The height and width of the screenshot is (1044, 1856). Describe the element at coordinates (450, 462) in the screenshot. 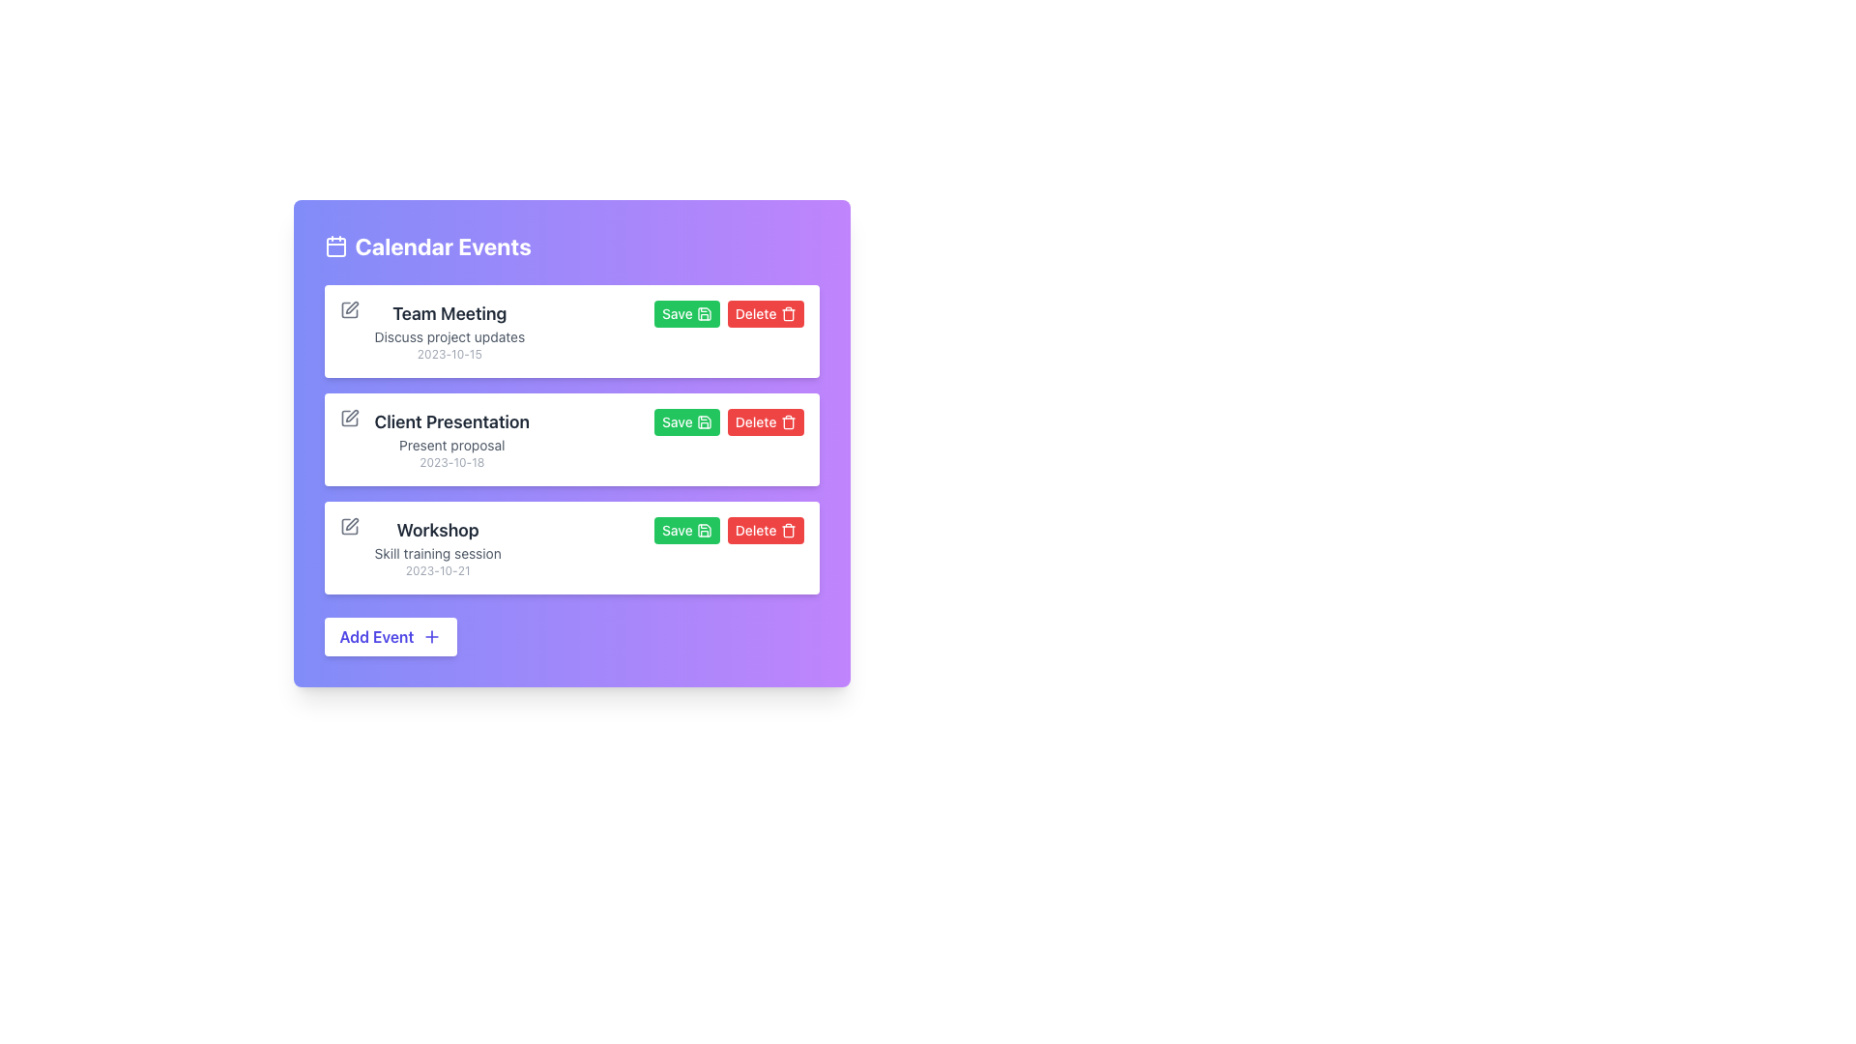

I see `the text label displaying the date of the event for 'Client Presentation', which is positioned below the event's description 'Present proposal'` at that location.